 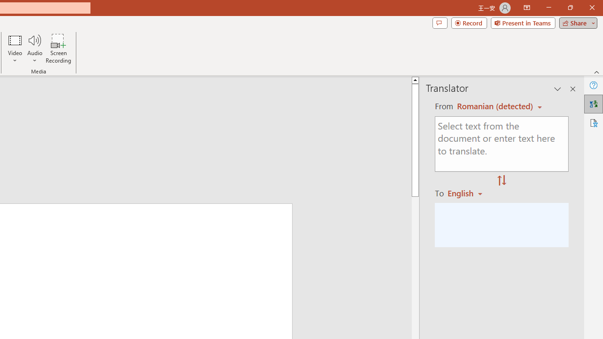 What do you see at coordinates (493, 106) in the screenshot?
I see `'Romanian (detected)'` at bounding box center [493, 106].